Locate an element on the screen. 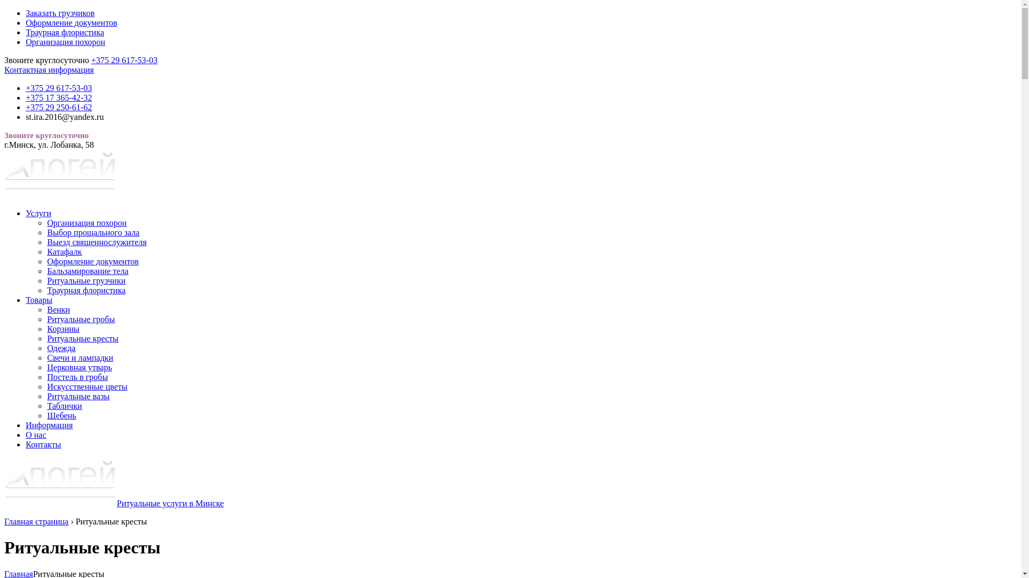  '+375 29 617-53-03' is located at coordinates (124, 60).